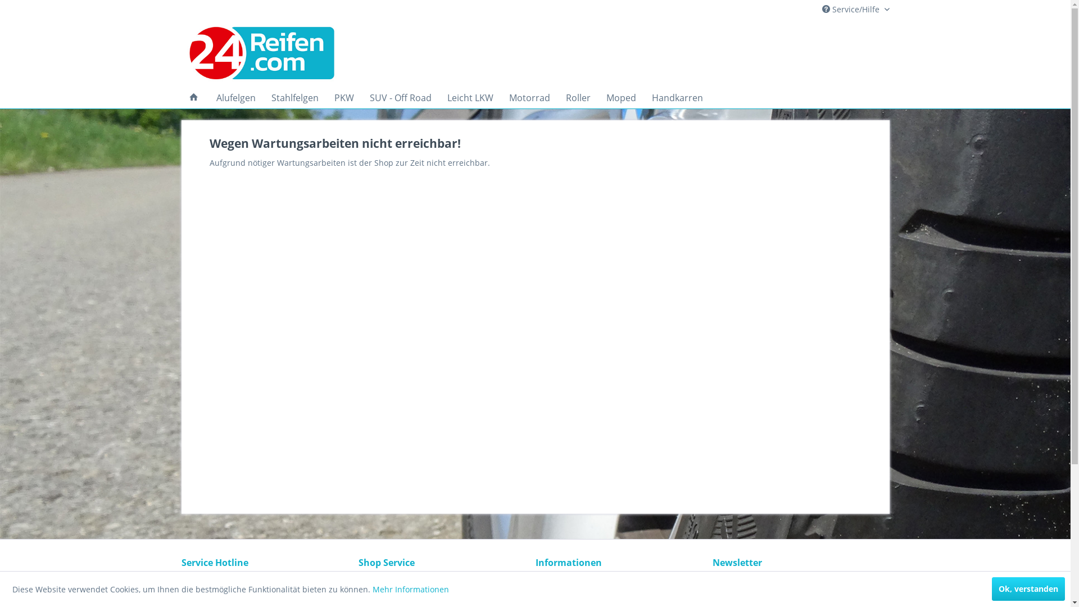 This screenshot has width=1079, height=607. What do you see at coordinates (1028, 588) in the screenshot?
I see `'Ok, verstanden'` at bounding box center [1028, 588].